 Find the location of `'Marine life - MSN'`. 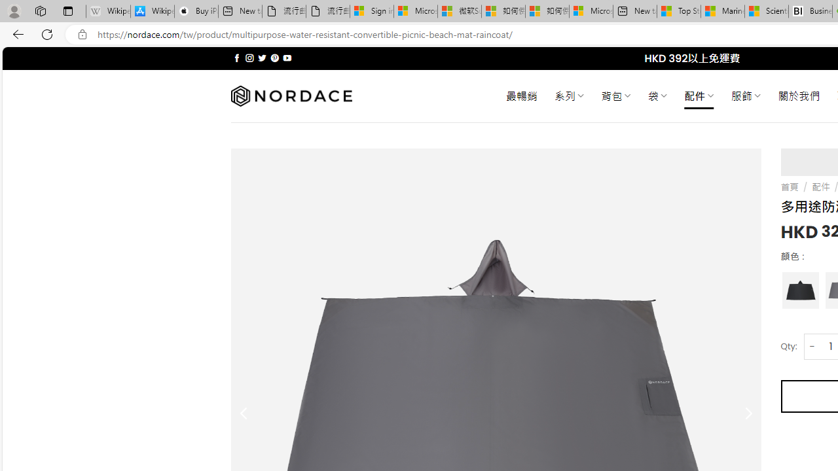

'Marine life - MSN' is located at coordinates (722, 11).